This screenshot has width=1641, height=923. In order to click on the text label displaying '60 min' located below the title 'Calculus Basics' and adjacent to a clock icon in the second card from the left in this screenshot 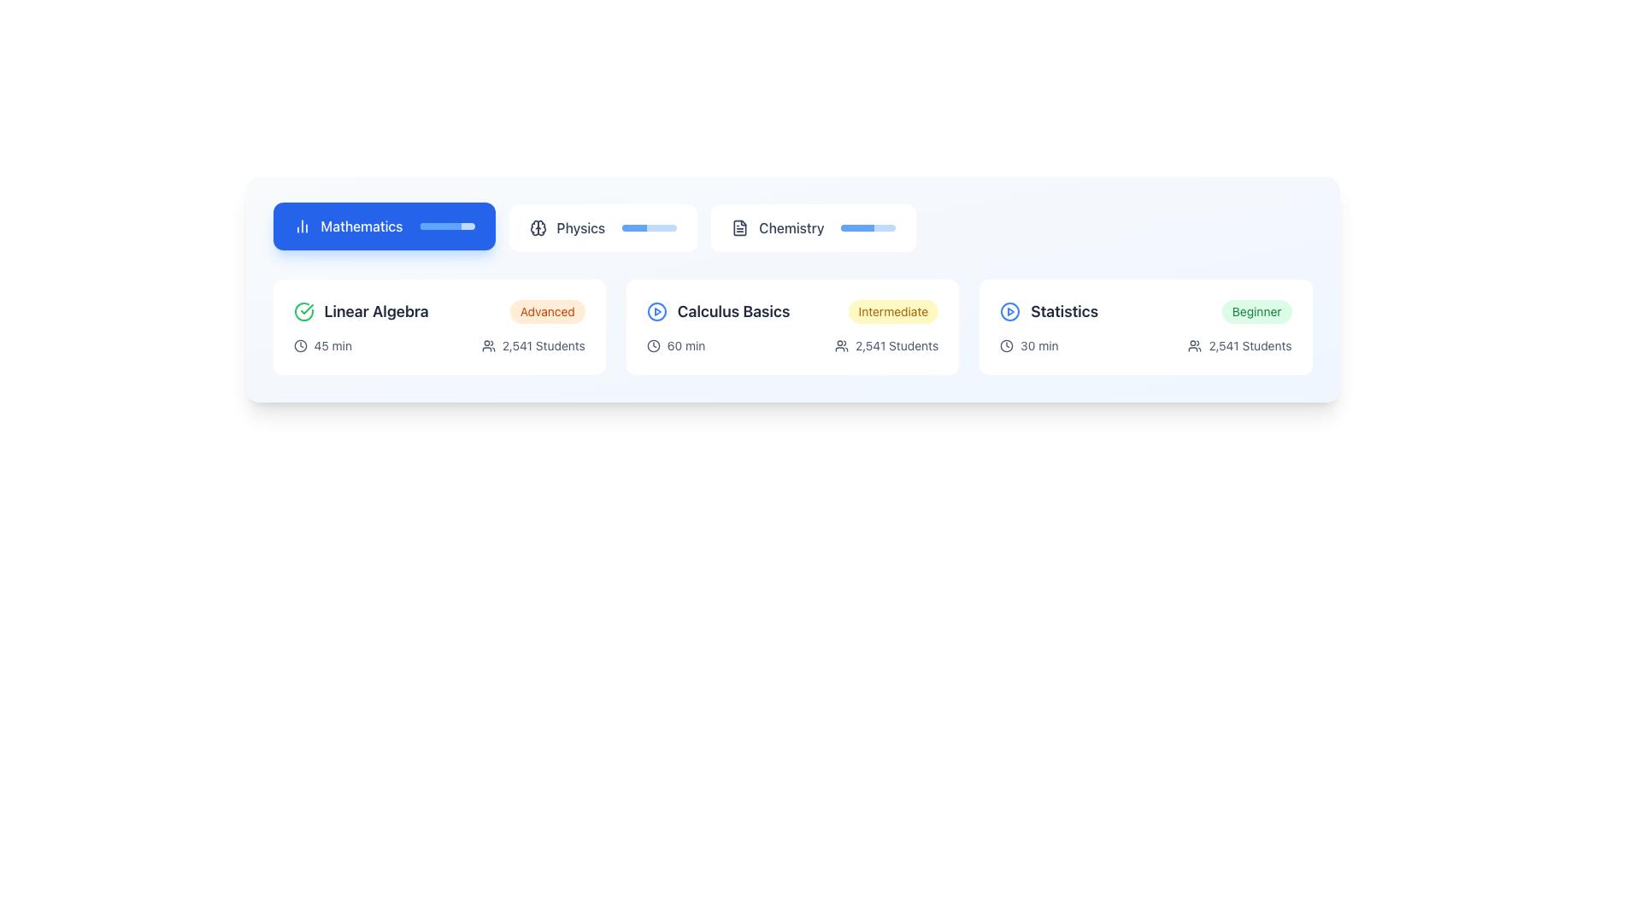, I will do `click(686, 346)`.